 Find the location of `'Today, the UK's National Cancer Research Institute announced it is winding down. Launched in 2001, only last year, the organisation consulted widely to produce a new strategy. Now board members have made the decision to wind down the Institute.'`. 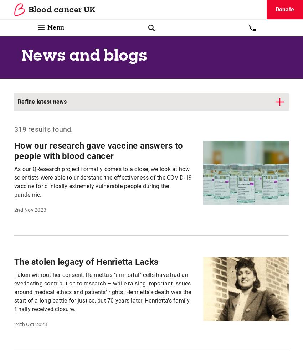

'Today, the UK's National Cancer Research Institute announced it is winding down. Launched in 2001, only last year, the organisation consulted widely to produce a new strategy. Now board members have made the decision to wind down the Institute.' is located at coordinates (14, 171).